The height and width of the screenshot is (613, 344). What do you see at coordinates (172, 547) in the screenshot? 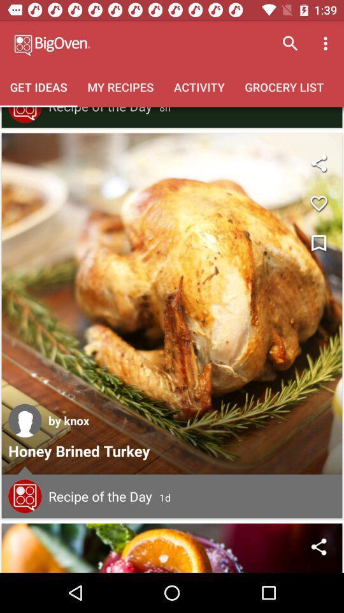
I see `a place to view a recipe which contains orange` at bounding box center [172, 547].